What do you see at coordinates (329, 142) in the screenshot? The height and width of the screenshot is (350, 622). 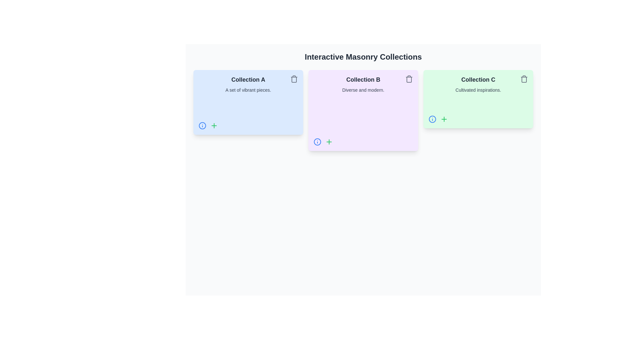 I see `the green plus icon button located to the right of the blue information icon within the 'Collection B' card` at bounding box center [329, 142].